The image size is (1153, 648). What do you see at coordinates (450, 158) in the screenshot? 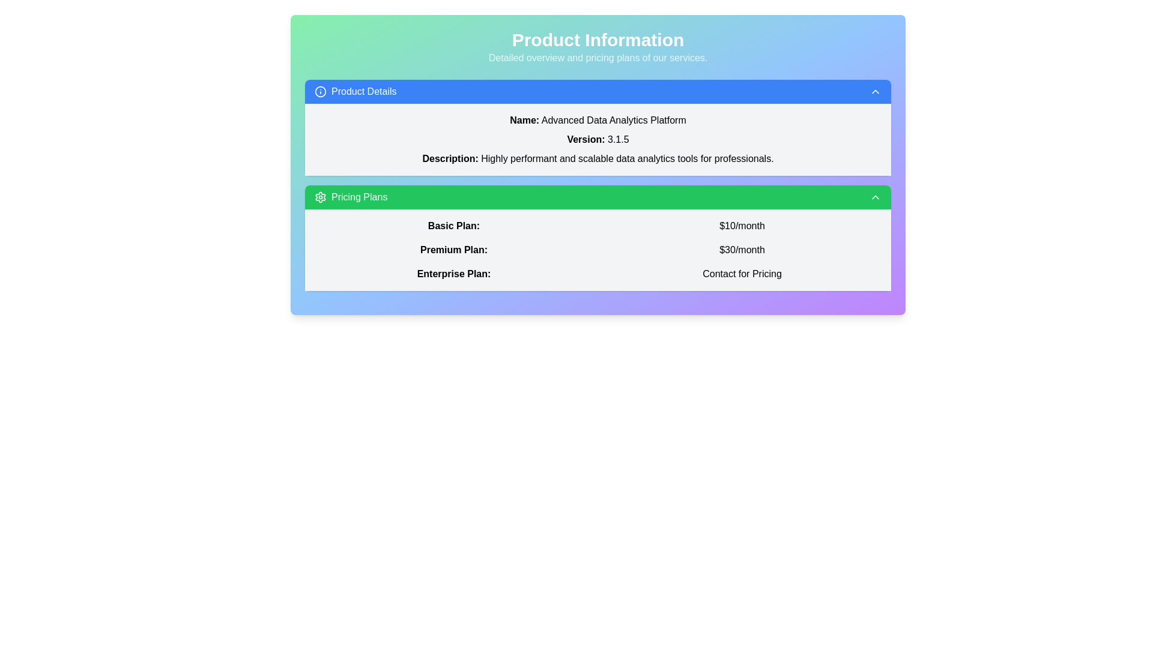
I see `the textual label that reads 'Description:' which is located in the 'Product Details' section, aligned to the left of the product description text` at bounding box center [450, 158].